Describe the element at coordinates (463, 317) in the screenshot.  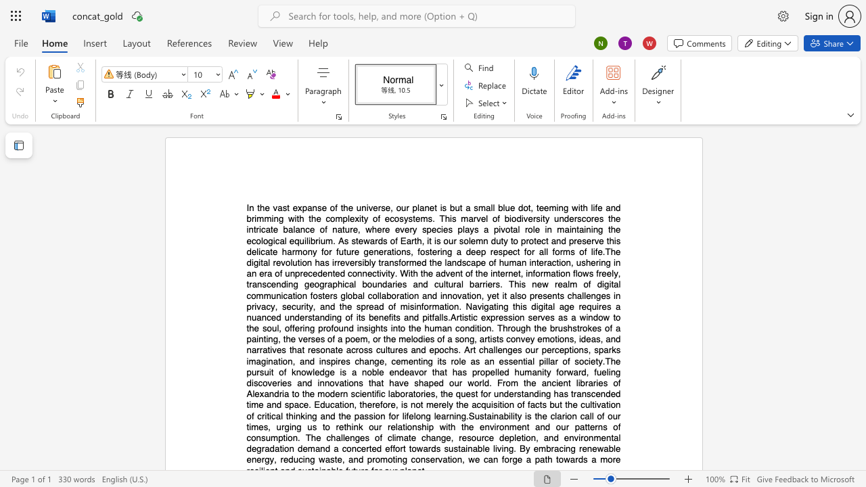
I see `the 2th character "i" in the text` at that location.